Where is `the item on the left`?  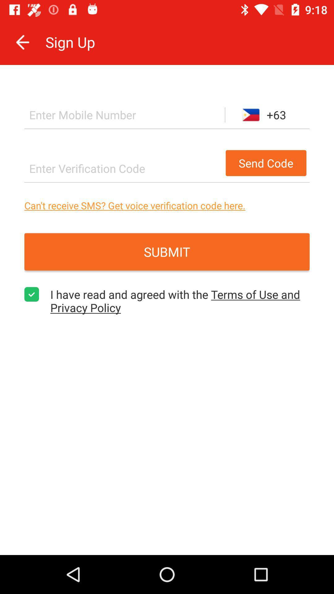
the item on the left is located at coordinates (32, 294).